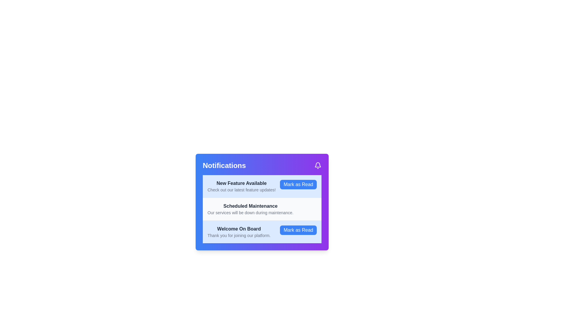 The width and height of the screenshot is (570, 320). What do you see at coordinates (241, 190) in the screenshot?
I see `text label providing supplementary information under the heading 'New Feature Available' in the topmost notification card of the 'Notifications' widget` at bounding box center [241, 190].